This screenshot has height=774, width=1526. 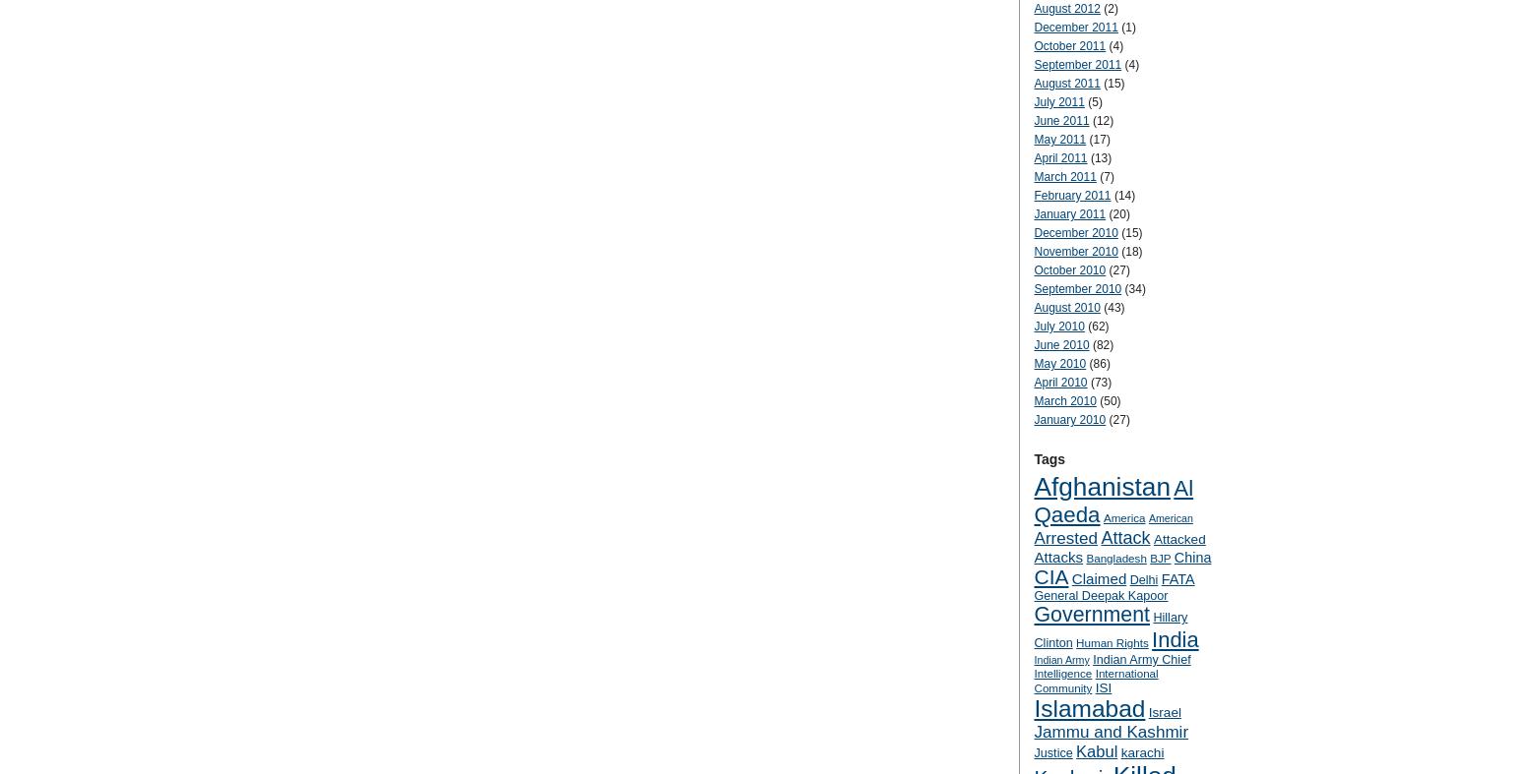 What do you see at coordinates (1108, 7) in the screenshot?
I see `'(2)'` at bounding box center [1108, 7].